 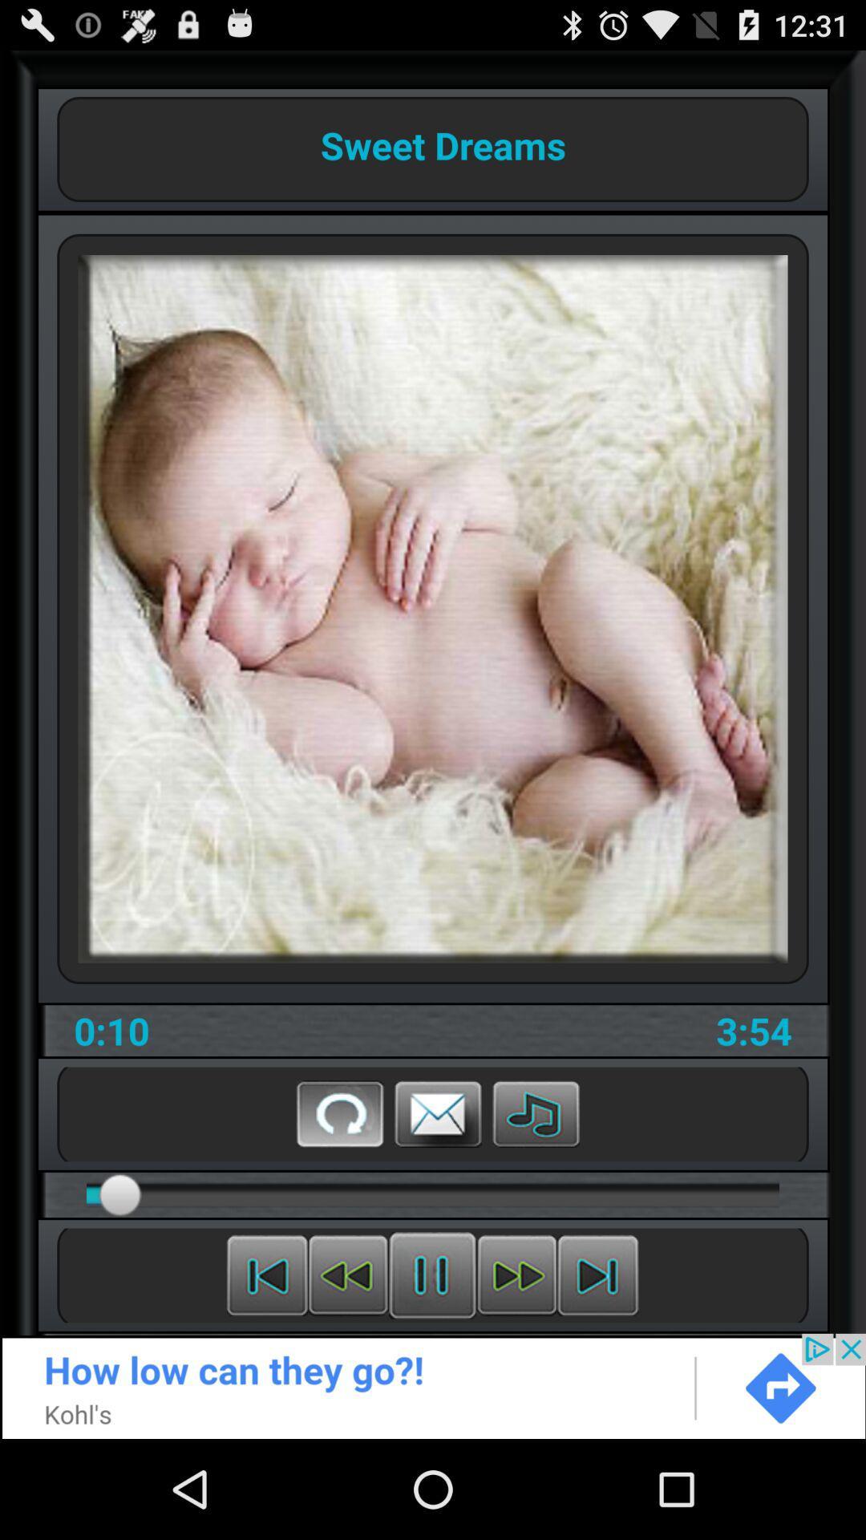 I want to click on next track, so click(x=597, y=1275).